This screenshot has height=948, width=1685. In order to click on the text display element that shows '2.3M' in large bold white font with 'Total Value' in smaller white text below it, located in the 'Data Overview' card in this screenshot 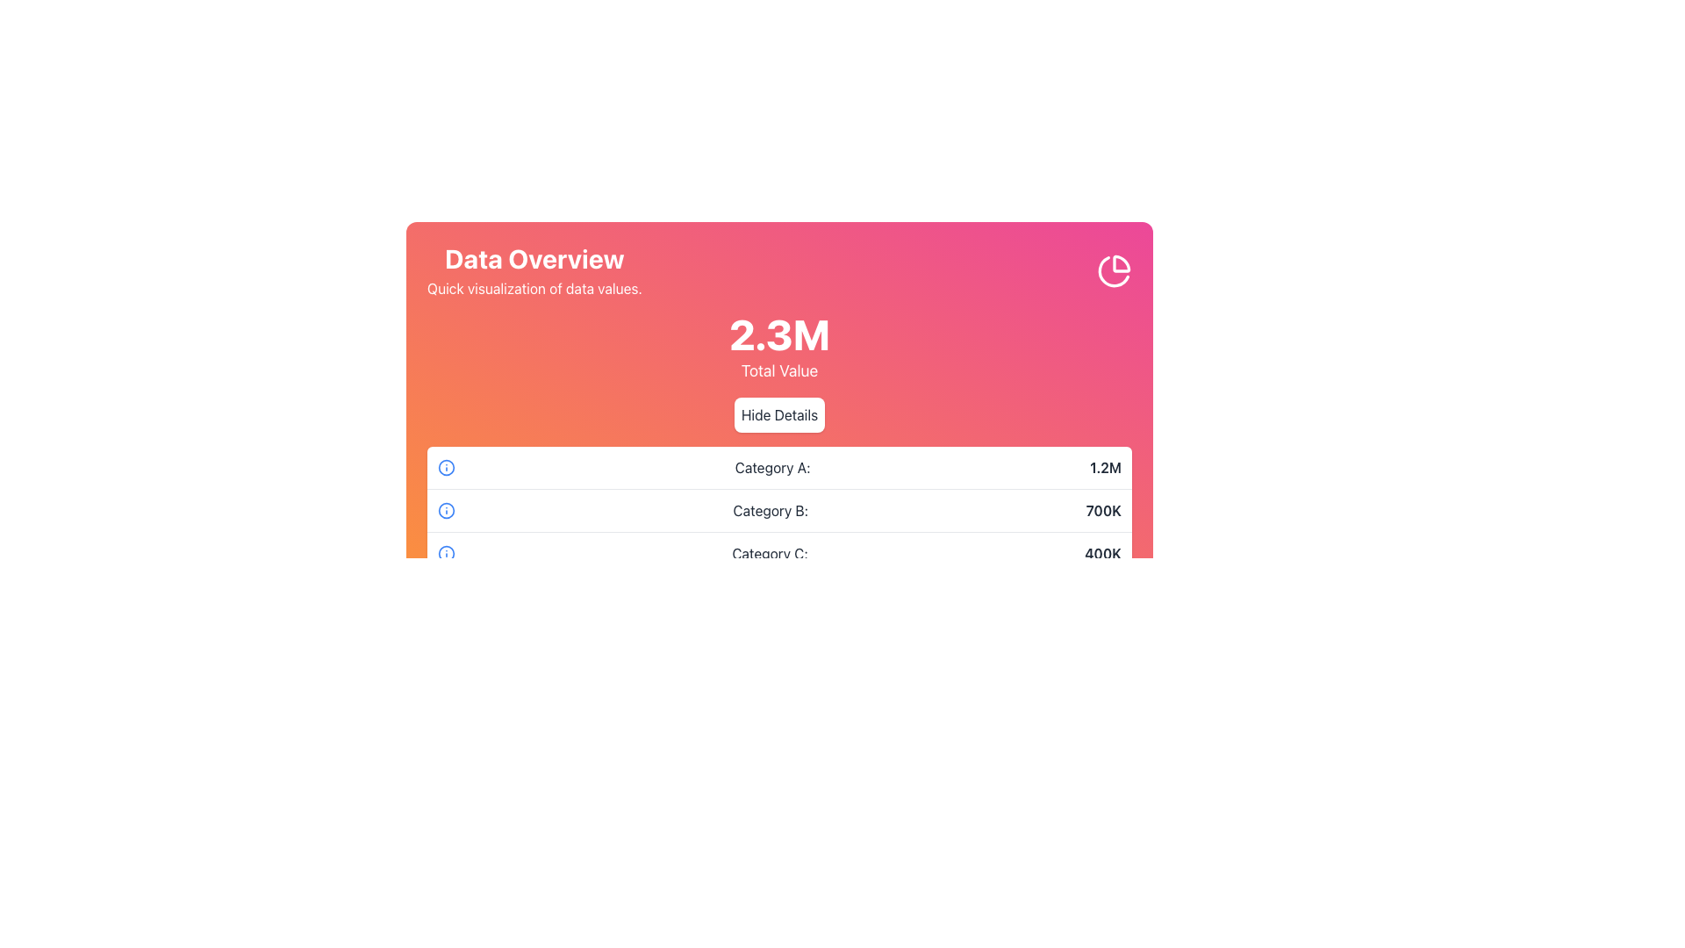, I will do `click(778, 348)`.